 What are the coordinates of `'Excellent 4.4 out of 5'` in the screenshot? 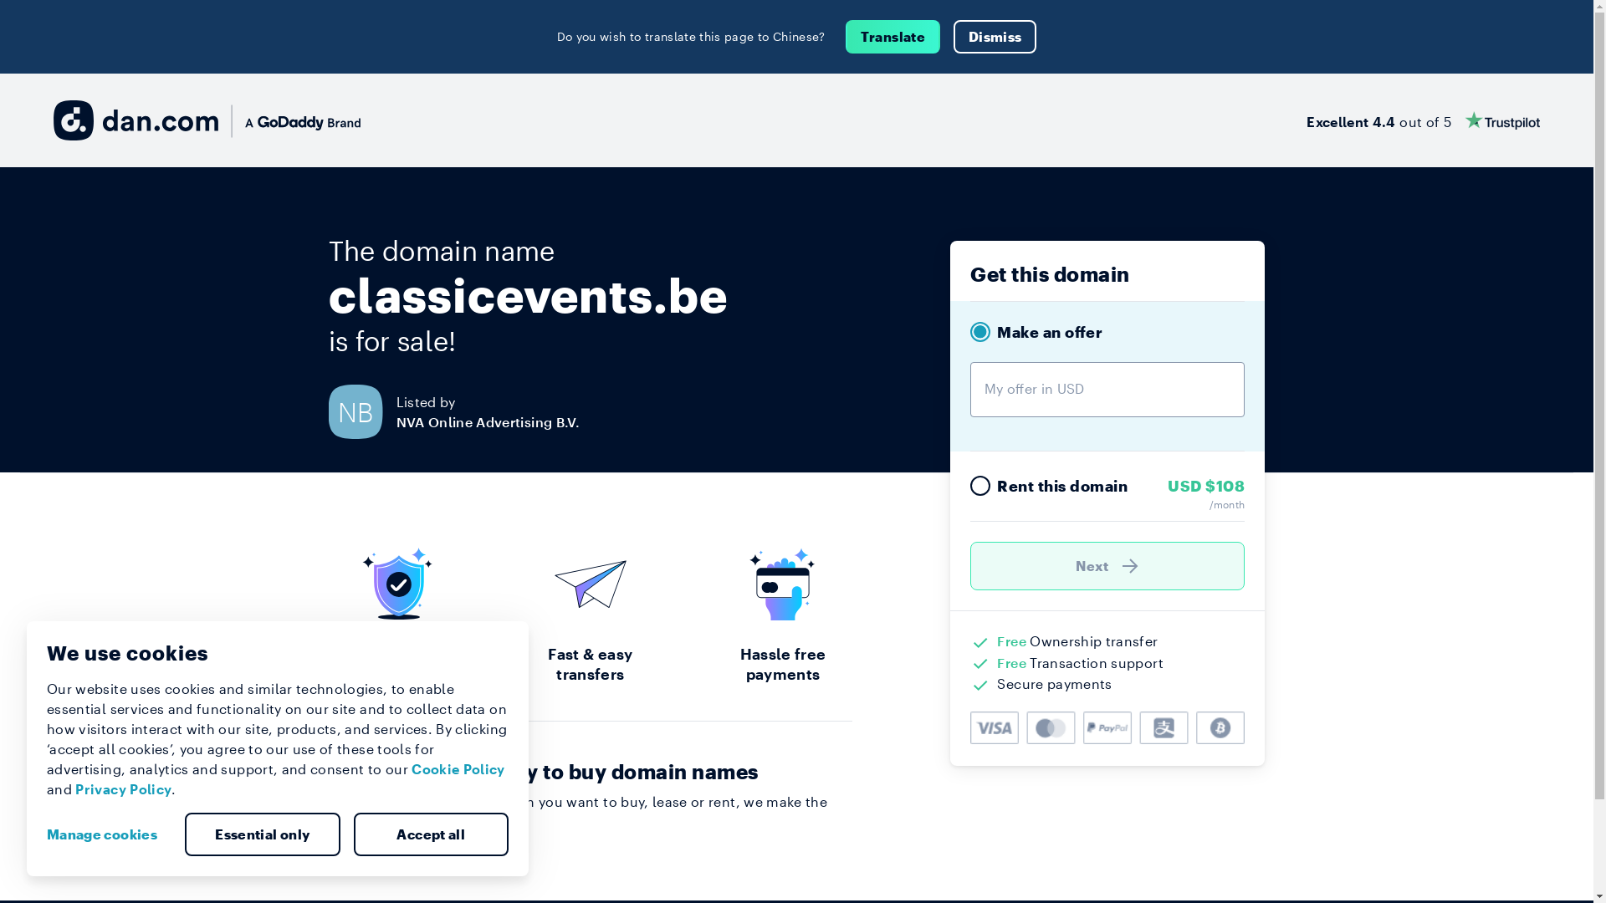 It's located at (1305, 119).